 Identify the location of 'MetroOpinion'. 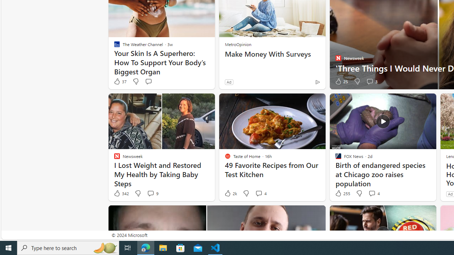
(238, 44).